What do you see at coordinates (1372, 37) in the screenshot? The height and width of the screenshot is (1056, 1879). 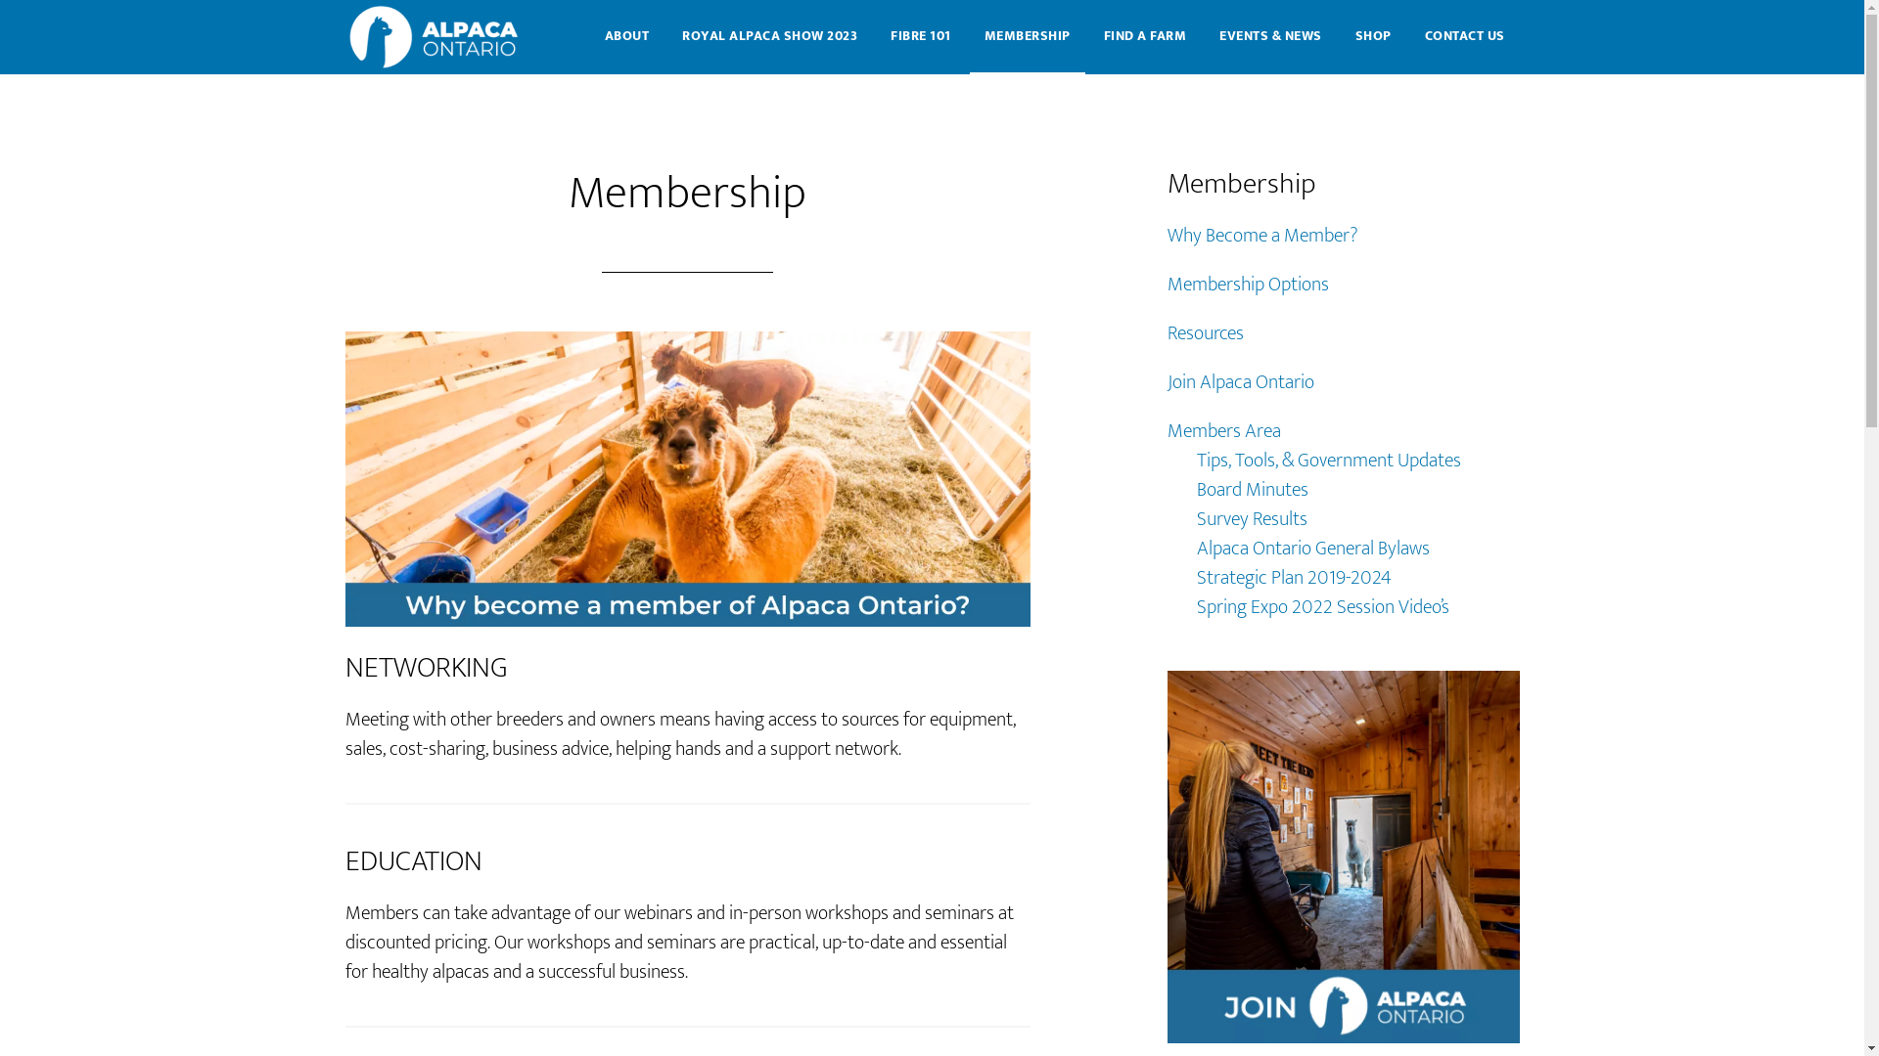 I see `'SHOP'` at bounding box center [1372, 37].